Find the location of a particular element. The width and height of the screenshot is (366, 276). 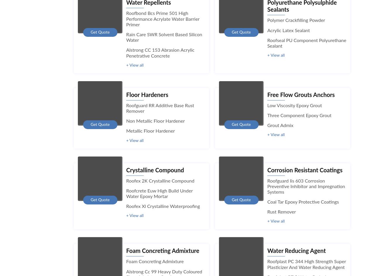

'Corrosion Resistant Coatings' is located at coordinates (305, 170).